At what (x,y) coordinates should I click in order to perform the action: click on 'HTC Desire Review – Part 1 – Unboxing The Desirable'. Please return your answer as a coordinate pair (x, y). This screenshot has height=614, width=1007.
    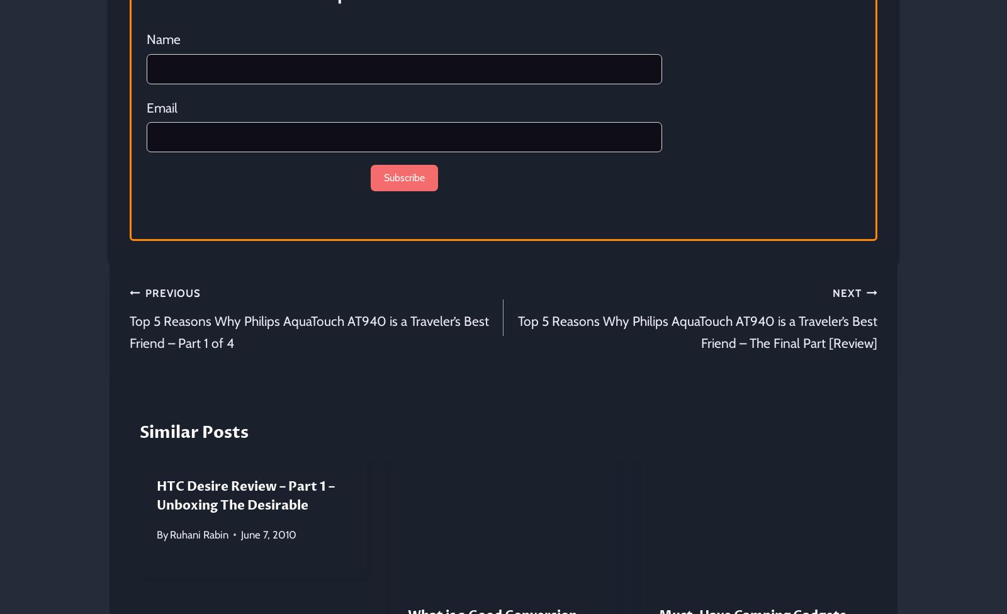
    Looking at the image, I should click on (245, 495).